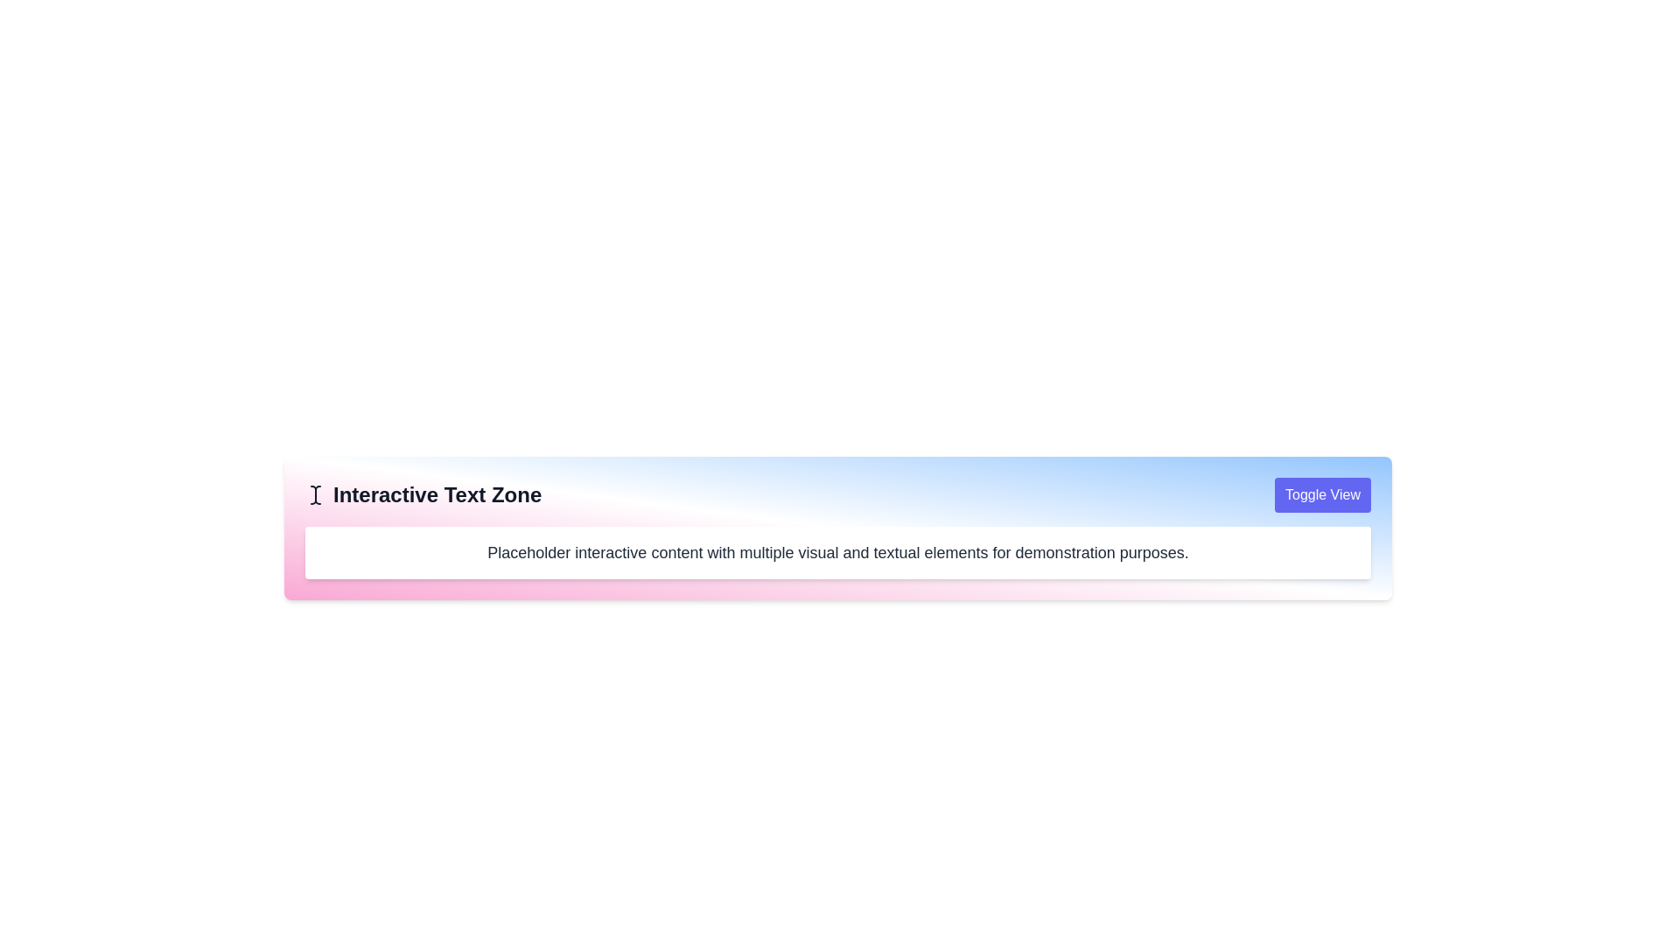 The image size is (1680, 945). Describe the element at coordinates (315, 495) in the screenshot. I see `the SVG icon representing a text cursor, which is located to the left of the 'Interactive Text Zone' text` at that location.